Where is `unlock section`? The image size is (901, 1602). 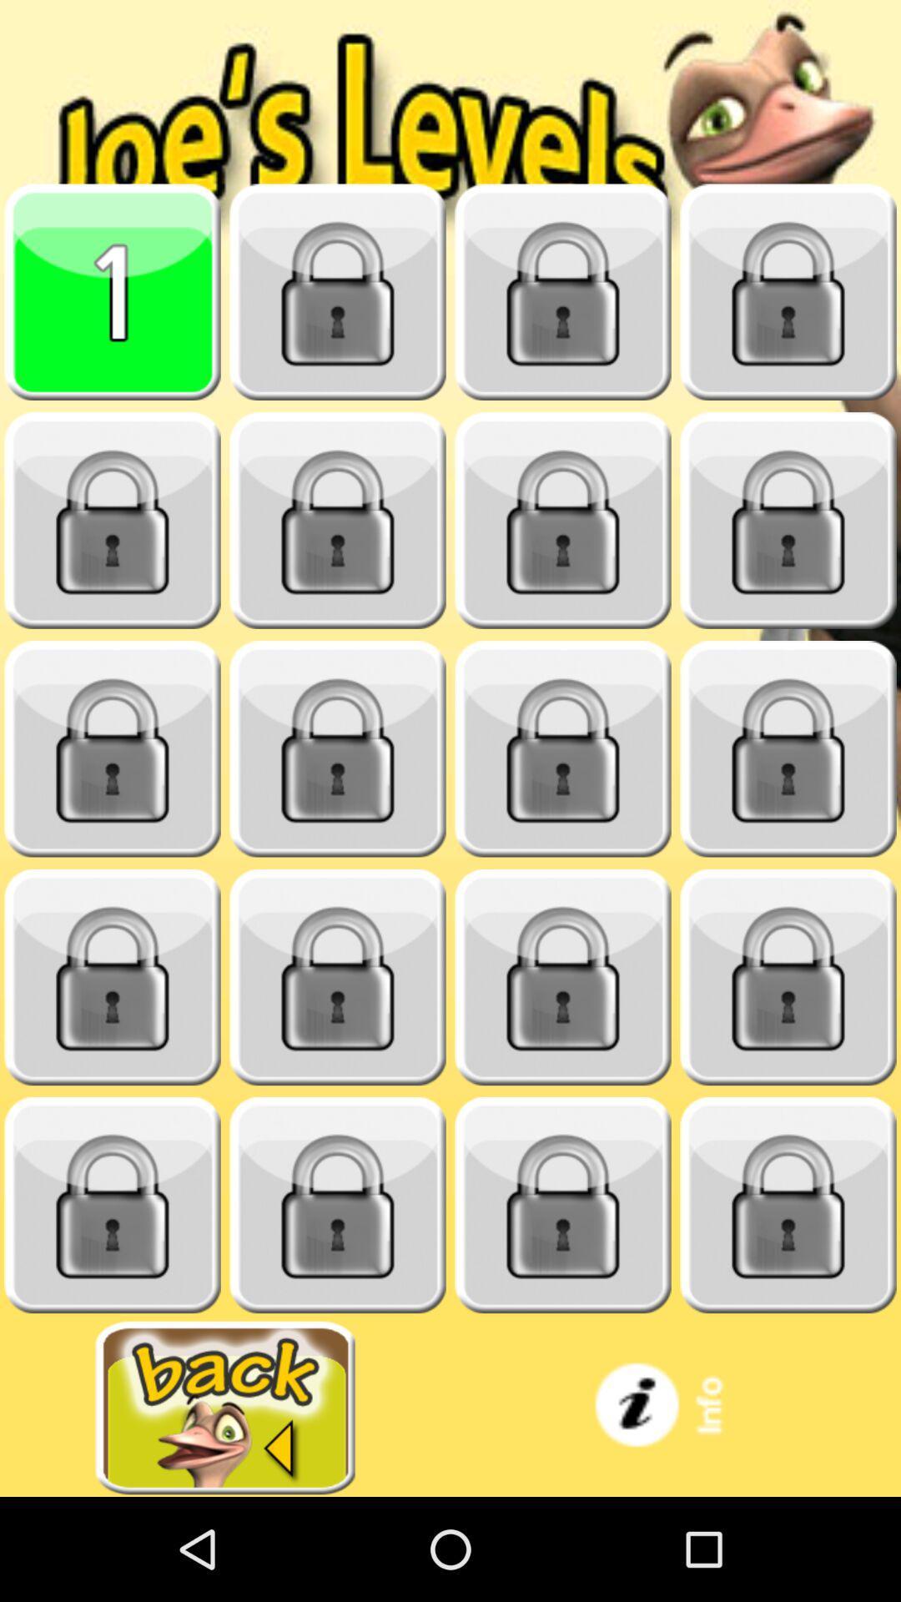
unlock section is located at coordinates (788, 292).